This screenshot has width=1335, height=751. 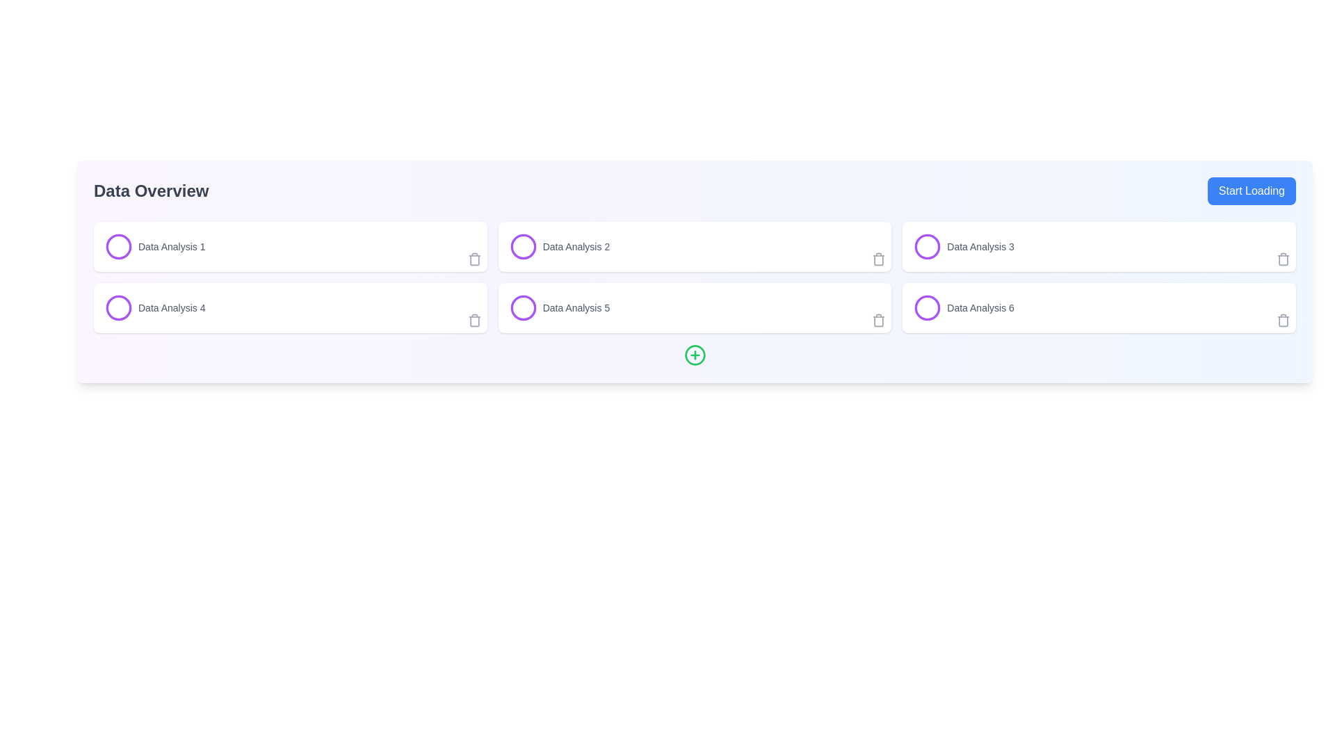 What do you see at coordinates (878, 260) in the screenshot?
I see `the trash can icon located in the bottom-right corner of the 'Data Analysis 2' card` at bounding box center [878, 260].